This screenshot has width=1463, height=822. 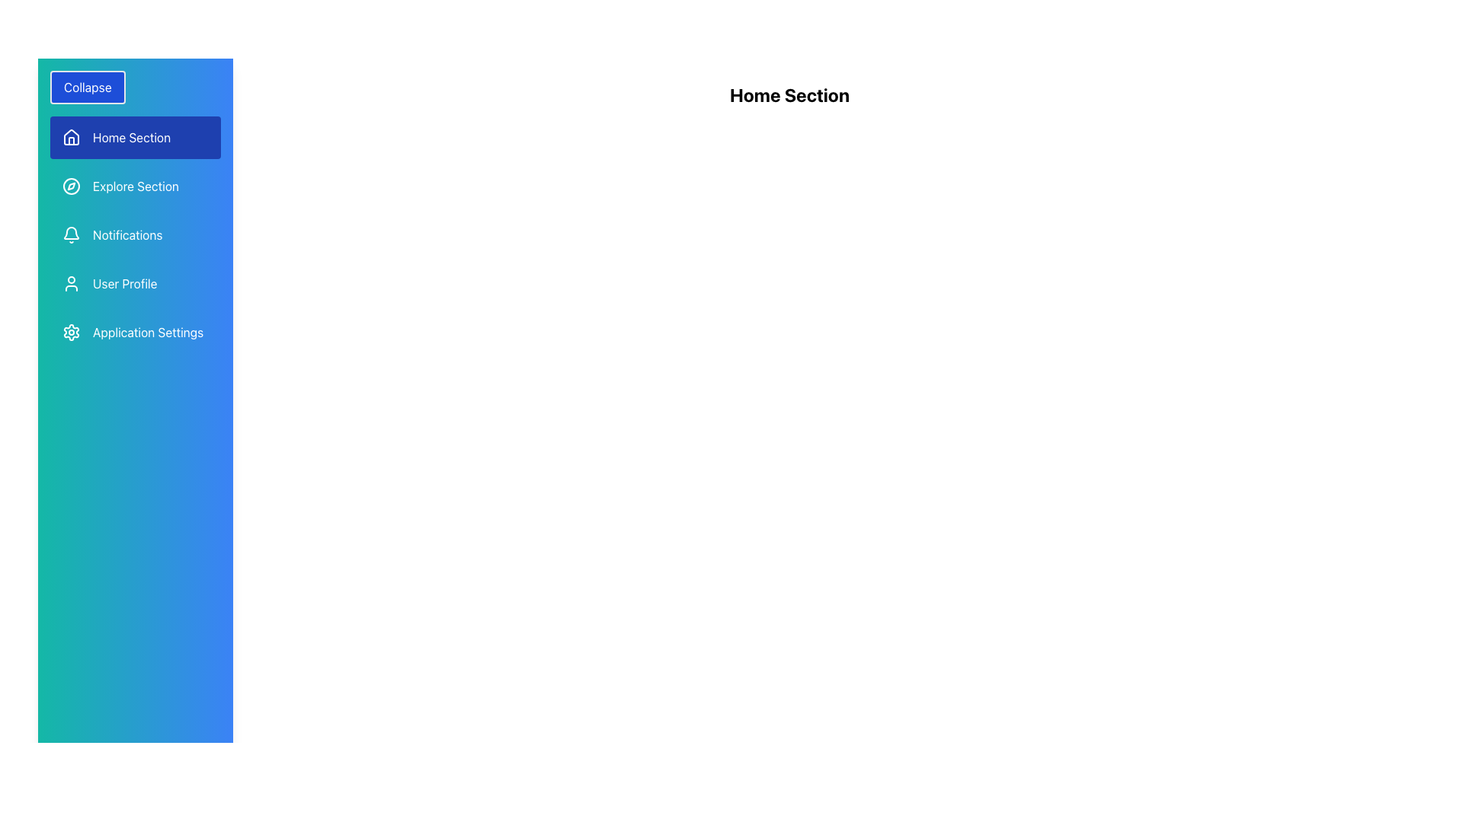 I want to click on the fourth item in the vertical list of menu elements that links to the user profile section of the application, so click(x=135, y=284).